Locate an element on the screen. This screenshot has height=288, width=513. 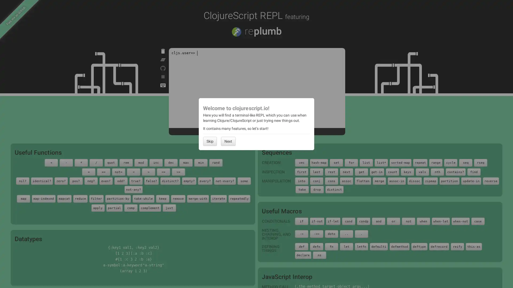
update-in is located at coordinates (471, 181).